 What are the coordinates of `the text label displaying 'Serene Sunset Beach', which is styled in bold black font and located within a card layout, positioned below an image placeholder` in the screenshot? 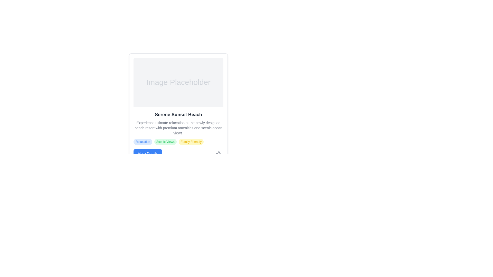 It's located at (178, 114).